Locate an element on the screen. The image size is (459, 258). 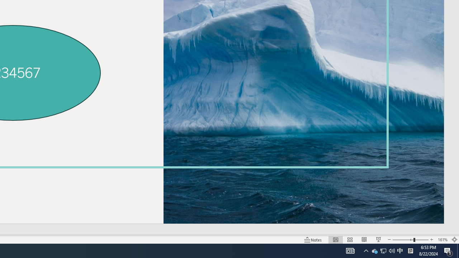
'Notes ' is located at coordinates (313, 240).